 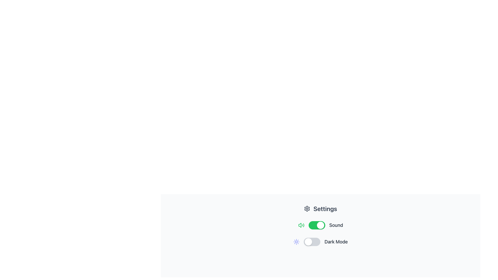 I want to click on the toggle switch to change the state of the 'Sound' functionality, located to the right of the green volume icon and to the left of the 'Sound' label, so click(x=316, y=225).